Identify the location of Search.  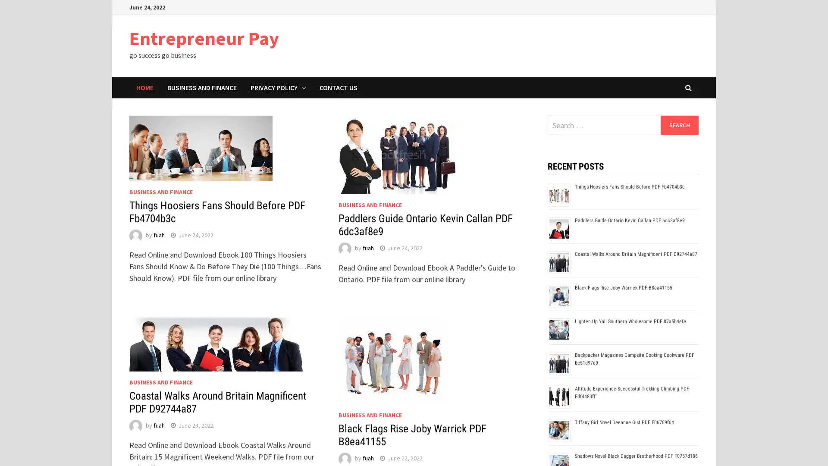
(679, 125).